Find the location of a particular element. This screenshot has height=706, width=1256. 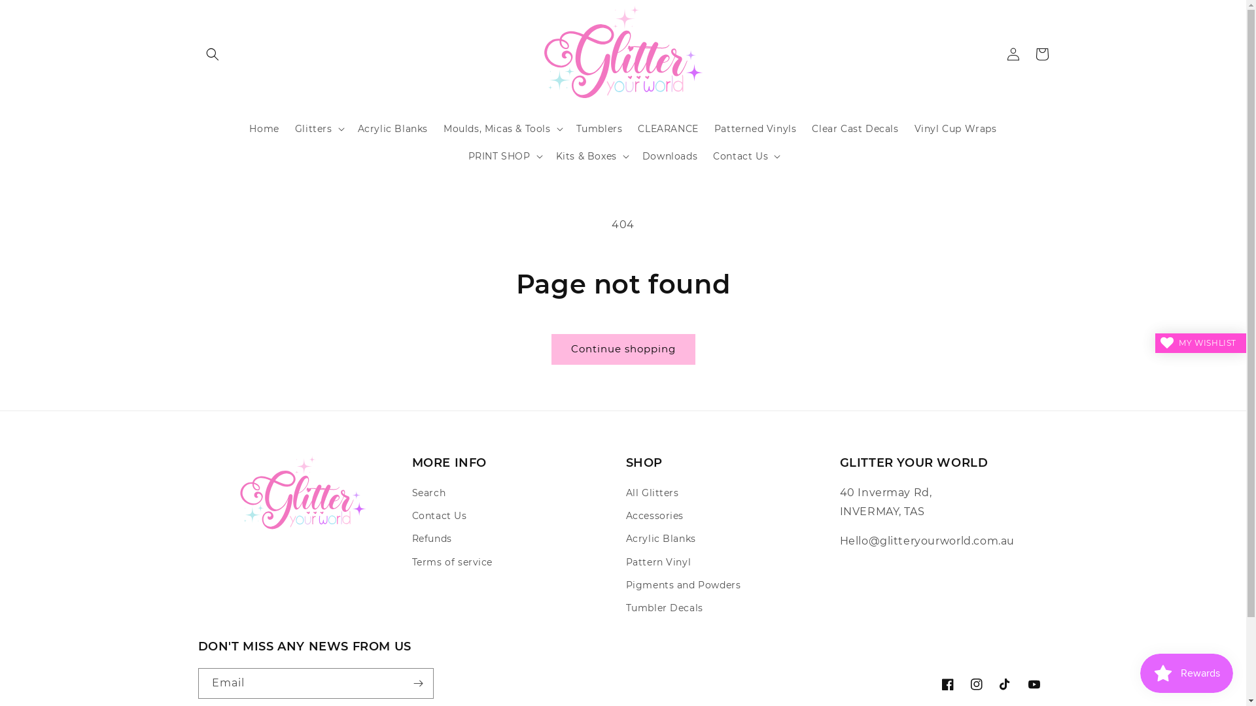

'Pigments and Powders' is located at coordinates (624, 584).